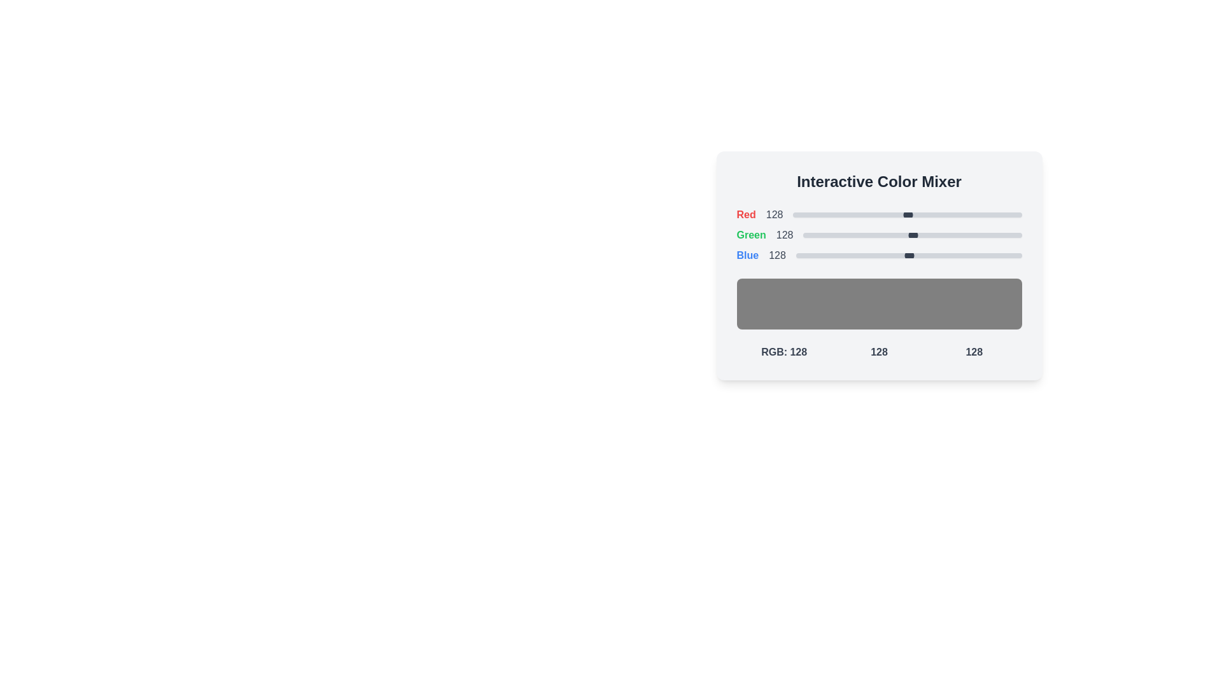 Image resolution: width=1222 pixels, height=687 pixels. Describe the element at coordinates (994, 255) in the screenshot. I see `the blue value` at that location.